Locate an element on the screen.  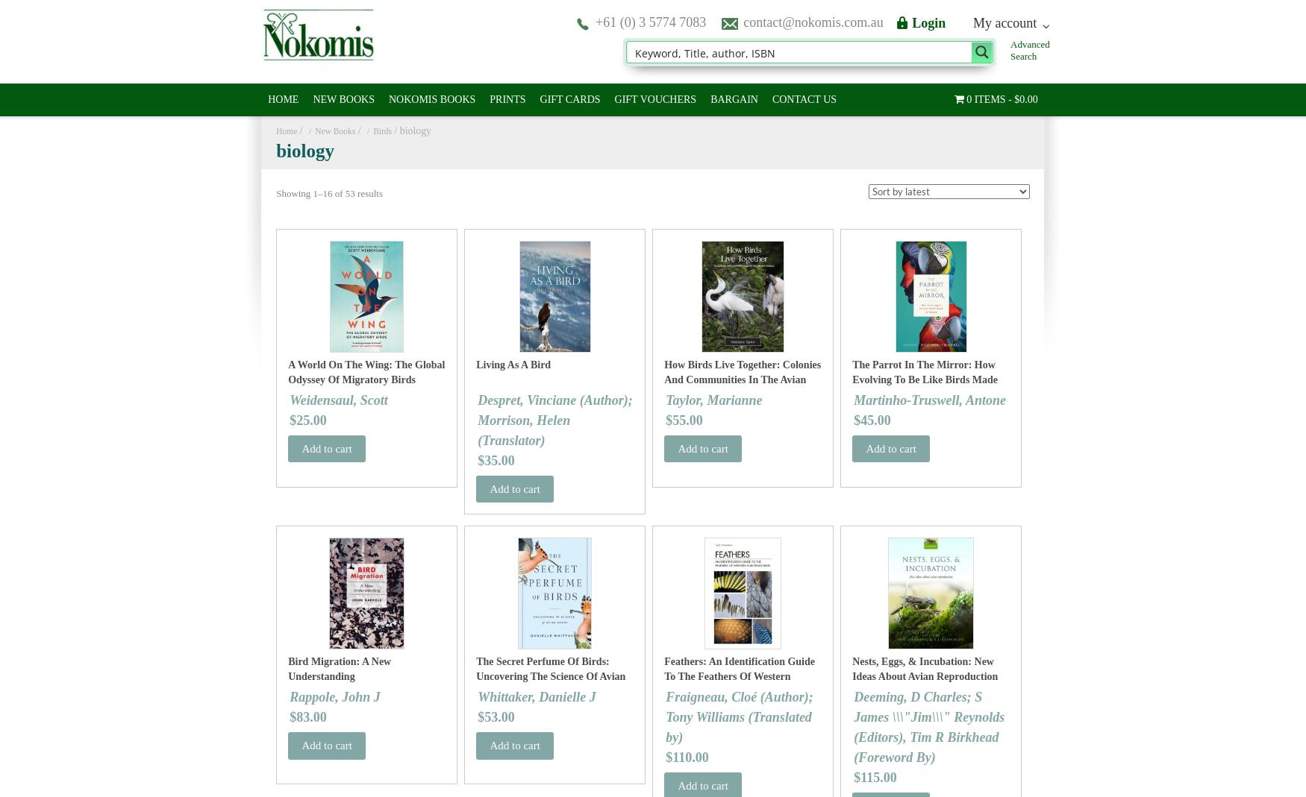
'Home' is located at coordinates (285, 130).